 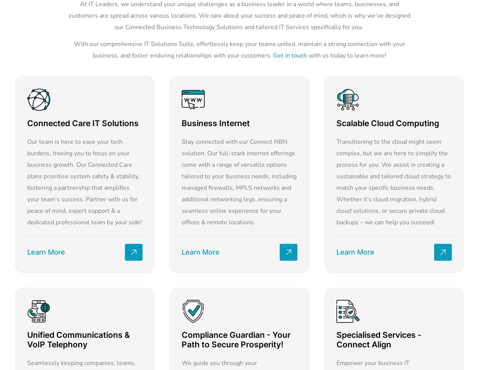 What do you see at coordinates (239, 49) in the screenshot?
I see `'With our comprehensive IT Solutions Suite, effortlessly keep your teams united, maintain a strong connection with your business, and foster enduring relationships with your customers.'` at bounding box center [239, 49].